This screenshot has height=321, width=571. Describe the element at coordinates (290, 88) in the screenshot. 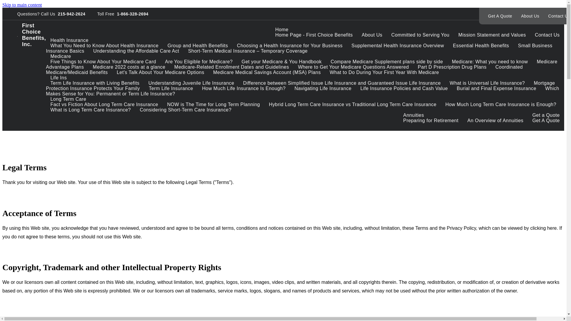

I see `'Navigating Life Insurance'` at that location.